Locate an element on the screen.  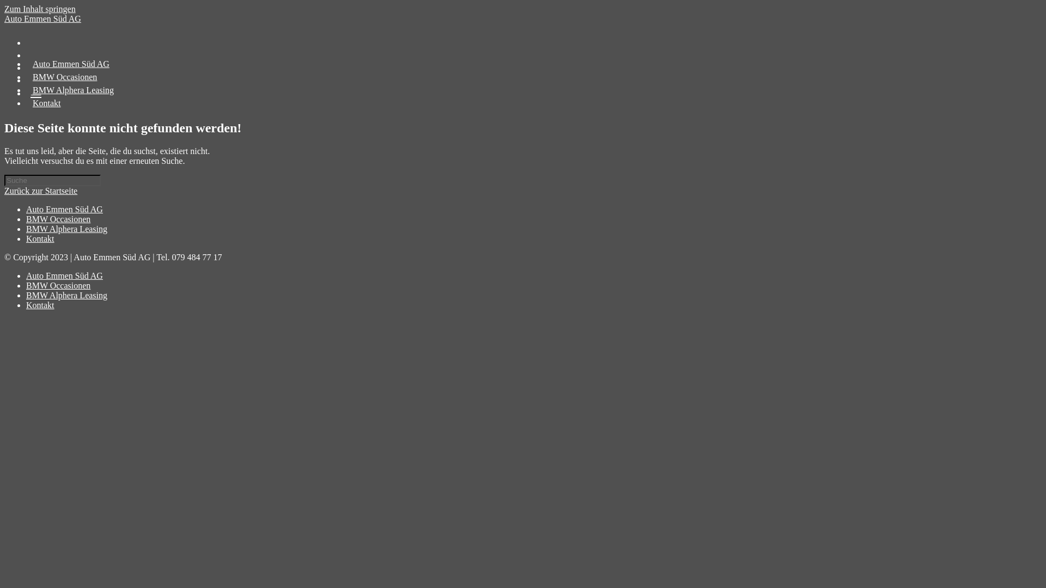
'Kontakt' is located at coordinates (40, 305).